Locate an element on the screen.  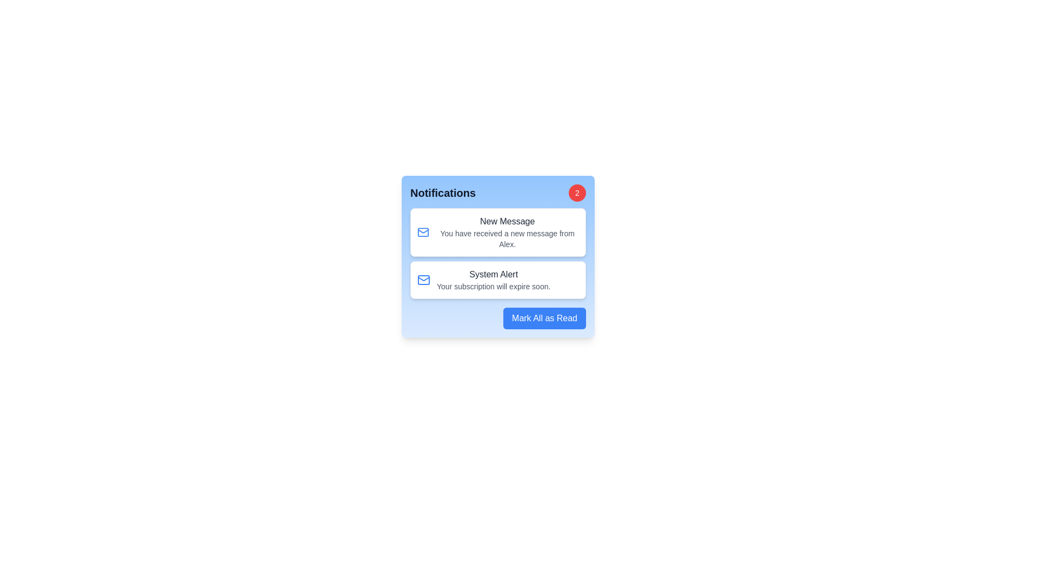
the rectangular button with a blue background and white text labeled 'Mark All as Read' located at the bottom-right corner of the notification panel to mark all notifications as read is located at coordinates (544, 318).